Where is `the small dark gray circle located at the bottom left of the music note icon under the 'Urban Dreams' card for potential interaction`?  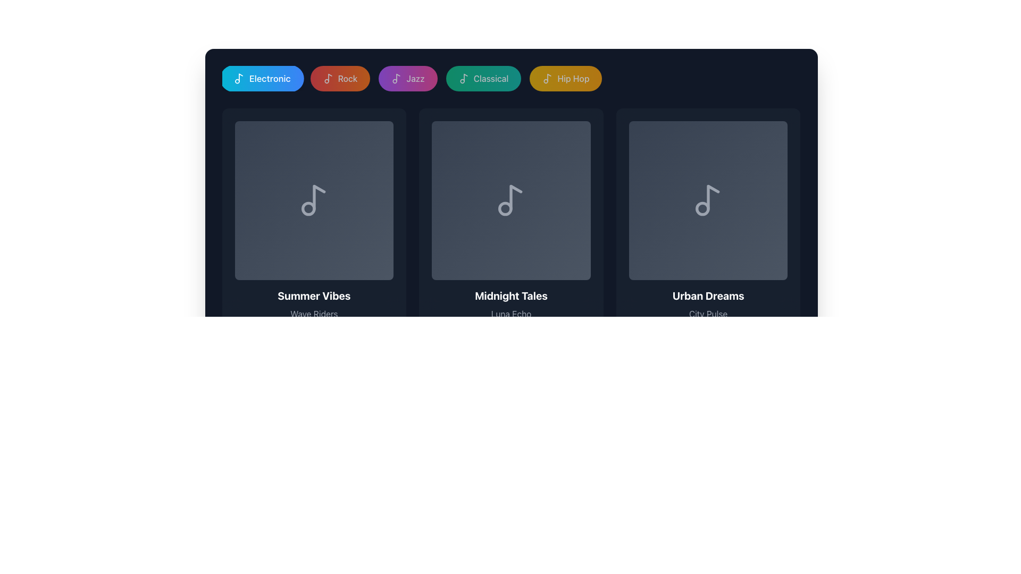
the small dark gray circle located at the bottom left of the music note icon under the 'Urban Dreams' card for potential interaction is located at coordinates (702, 209).